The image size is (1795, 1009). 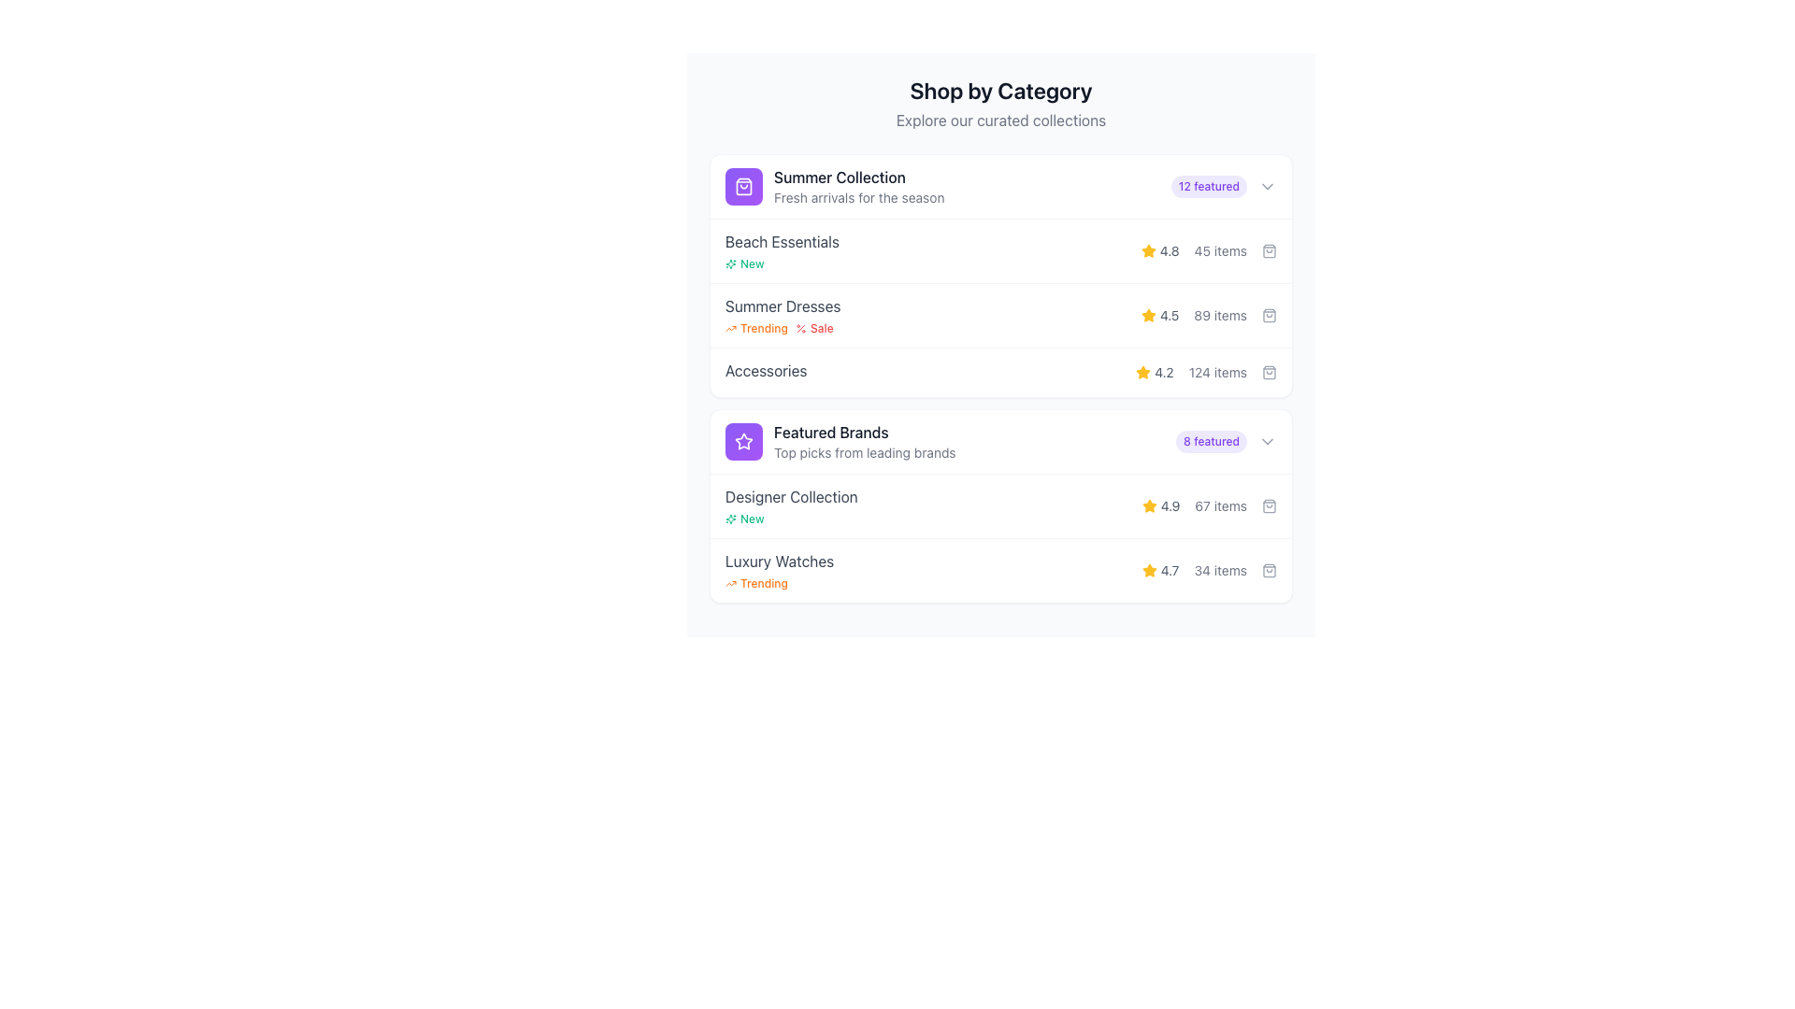 I want to click on the small shopping bag icon, which is located on the far right of the 'Summer Dresses' category row, so click(x=1270, y=315).